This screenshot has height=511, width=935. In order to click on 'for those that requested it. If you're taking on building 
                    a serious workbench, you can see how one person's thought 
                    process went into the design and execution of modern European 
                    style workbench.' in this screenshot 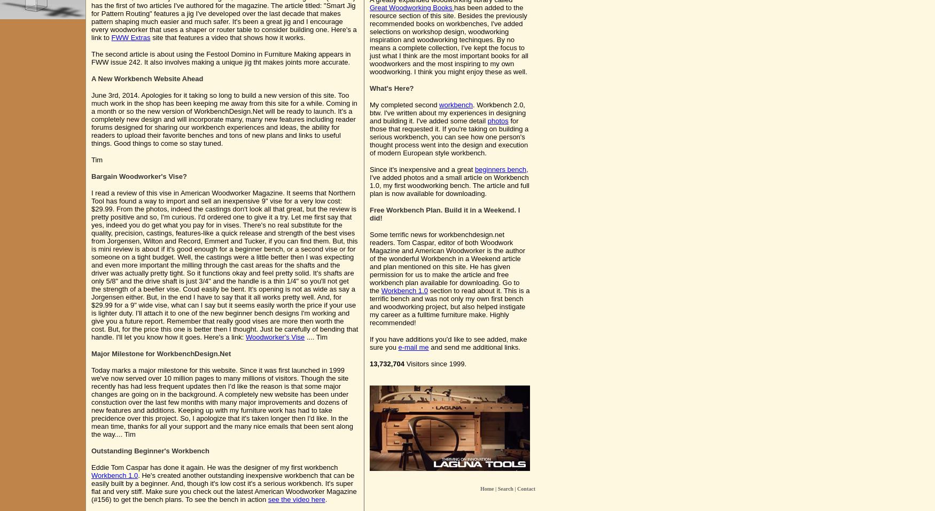, I will do `click(449, 136)`.